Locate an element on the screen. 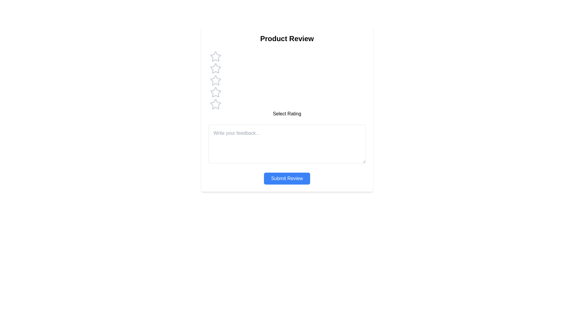 This screenshot has width=572, height=322. the first star rating icon, which is a hollow star with a thin outline and grayish tint, located in the top-left corner of a five-star rating set, directly below the 'Product Review' heading is located at coordinates (215, 56).